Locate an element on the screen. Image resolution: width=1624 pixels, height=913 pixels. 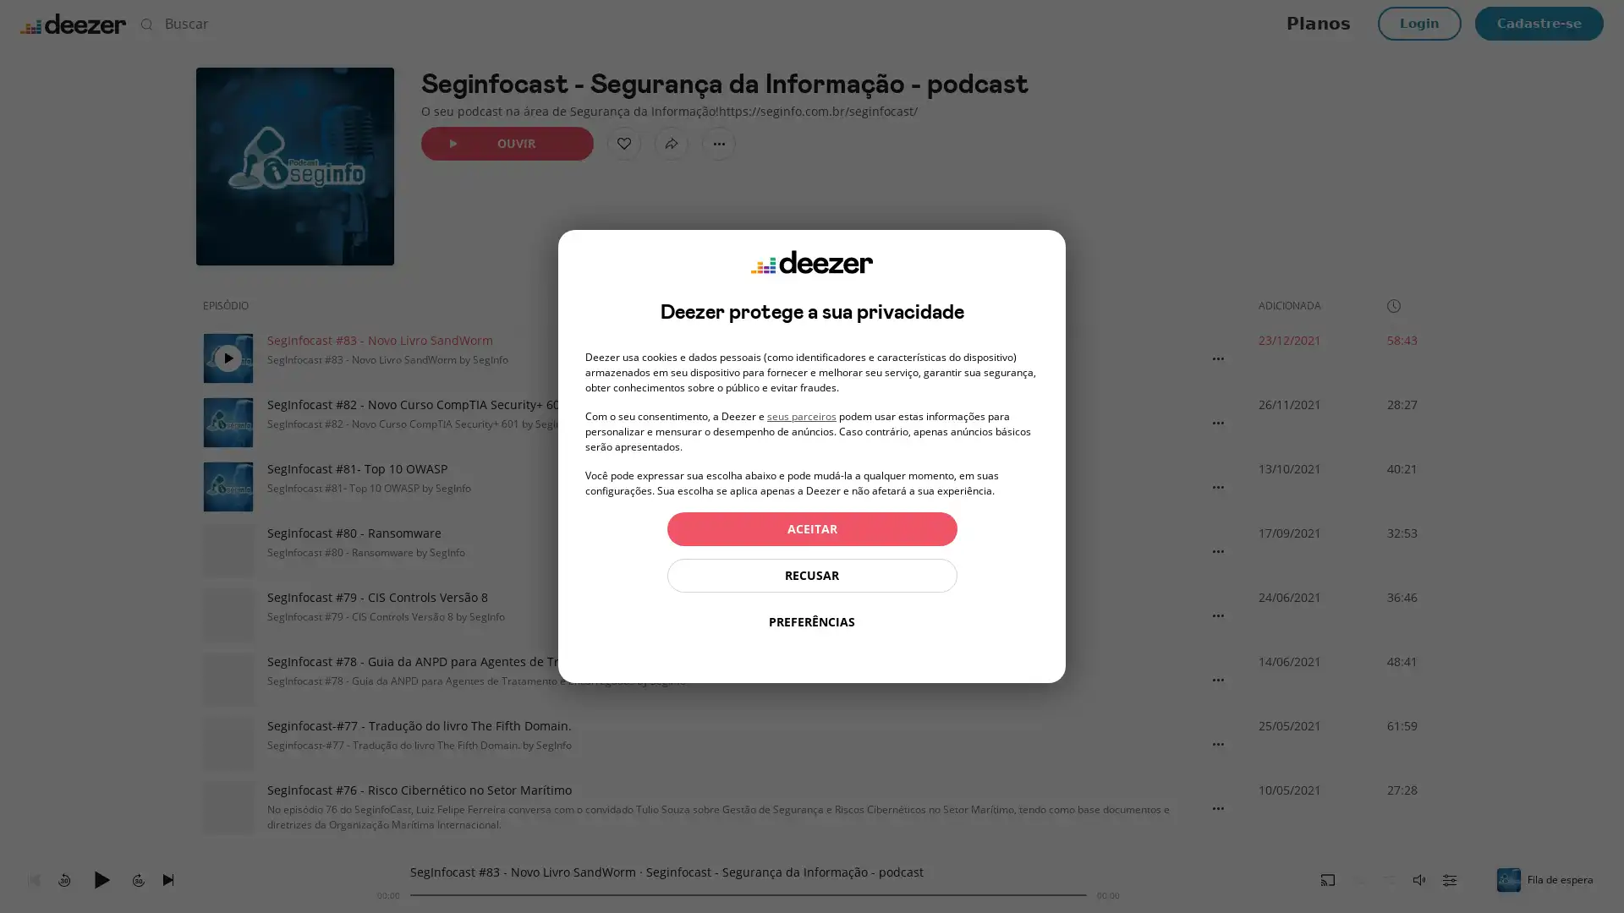
Tocar SegInfocast #80 - Ransomware por Seginfocast - Seguranca da Informacao - podcast is located at coordinates (227, 550).